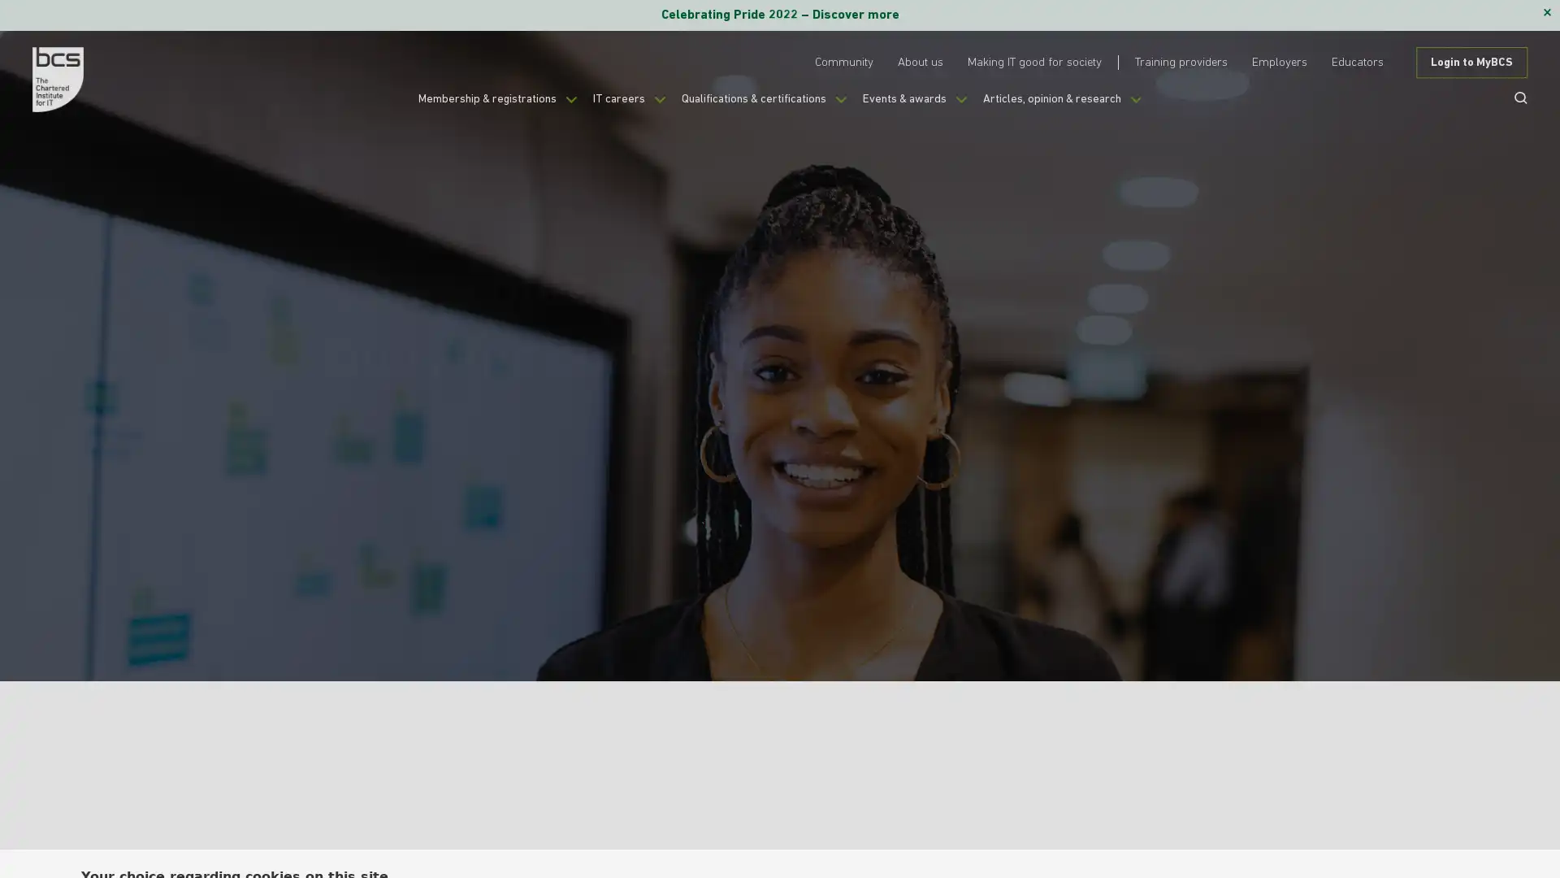  Describe the element at coordinates (614, 107) in the screenshot. I see `IT careers` at that location.